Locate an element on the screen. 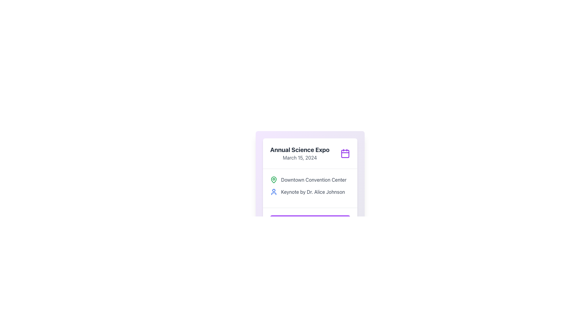 The height and width of the screenshot is (327, 581). the decorative graphical element within the calendar icon, which is a rounded rectangle with concave corners located at the bottom right area of the calendar graphic is located at coordinates (345, 154).